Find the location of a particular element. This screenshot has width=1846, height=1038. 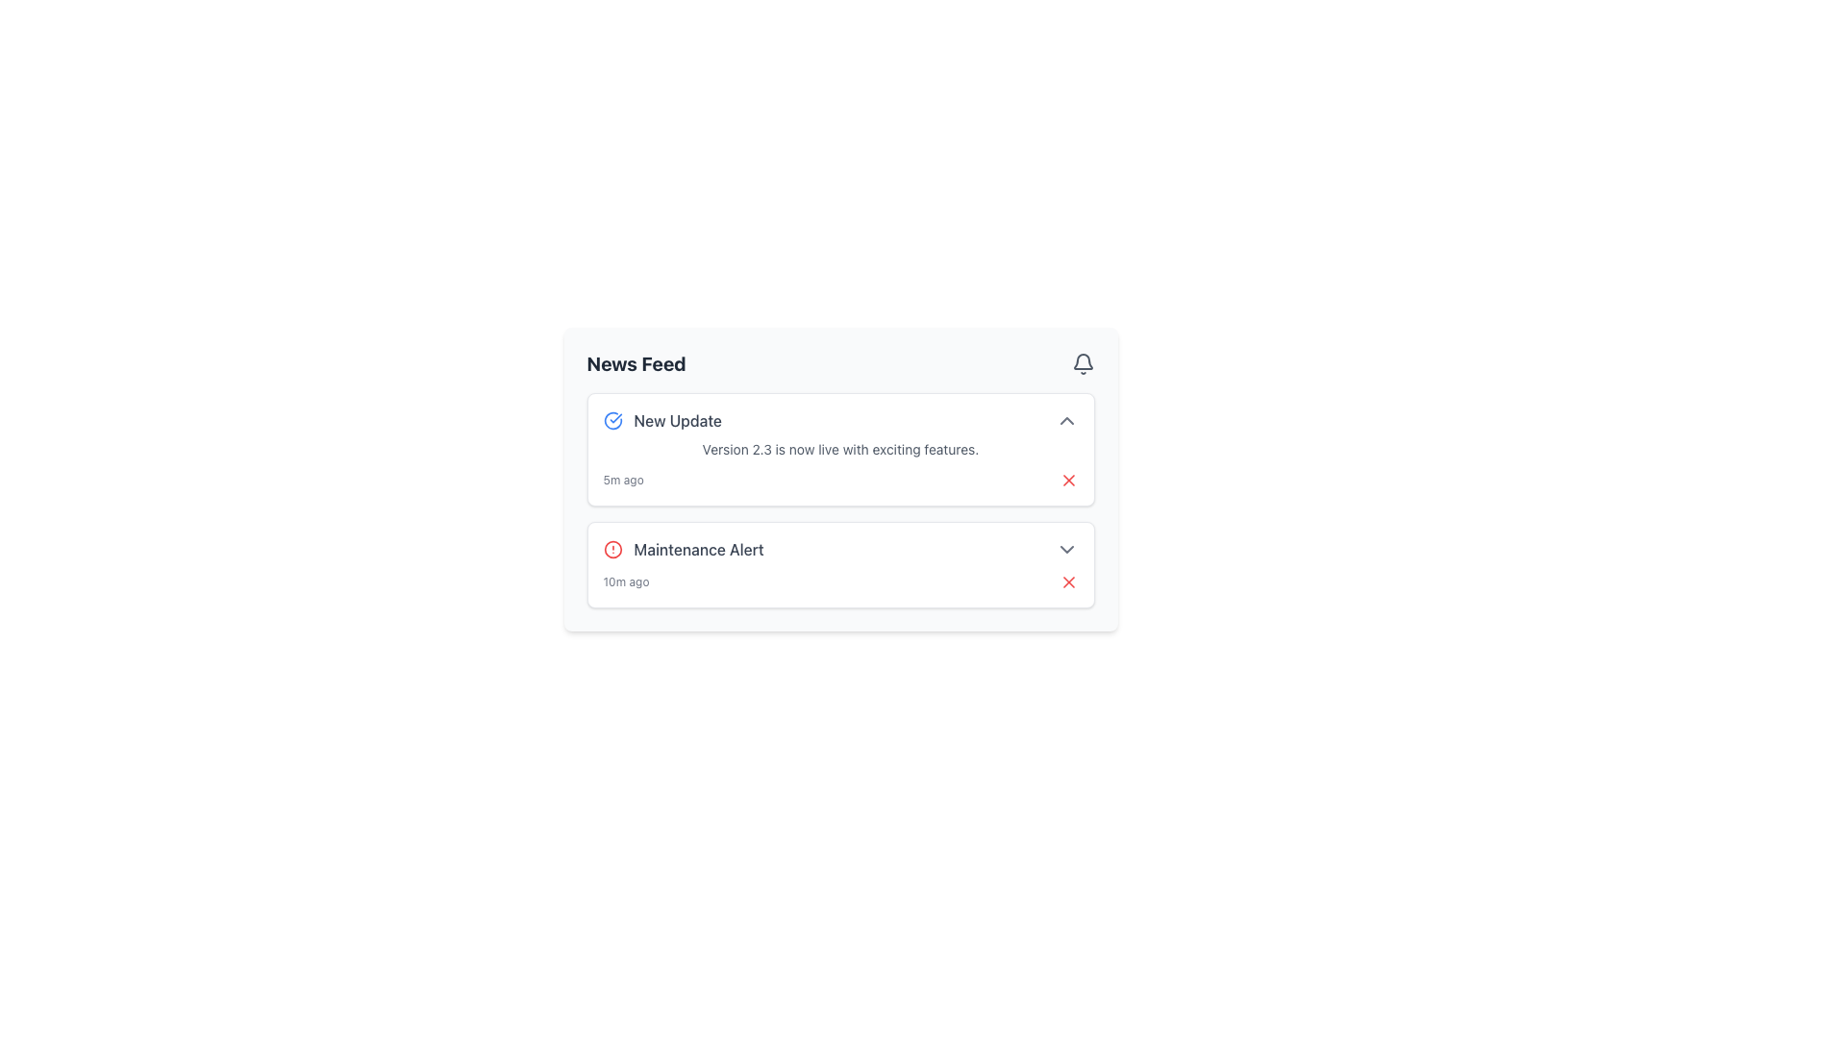

the red 'X' shaped button in the top-right corner of the 'New Update' card in the 'News Feed' section is located at coordinates (1067, 480).